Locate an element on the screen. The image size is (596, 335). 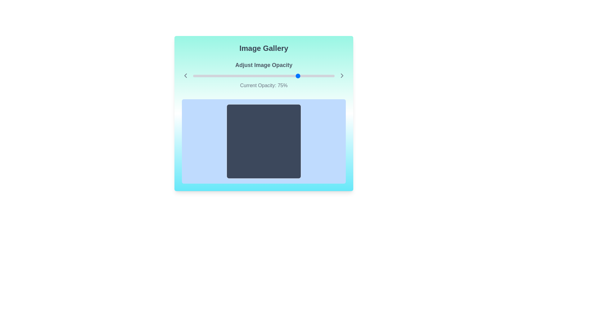
the image opacity slider to 76% is located at coordinates (300, 76).